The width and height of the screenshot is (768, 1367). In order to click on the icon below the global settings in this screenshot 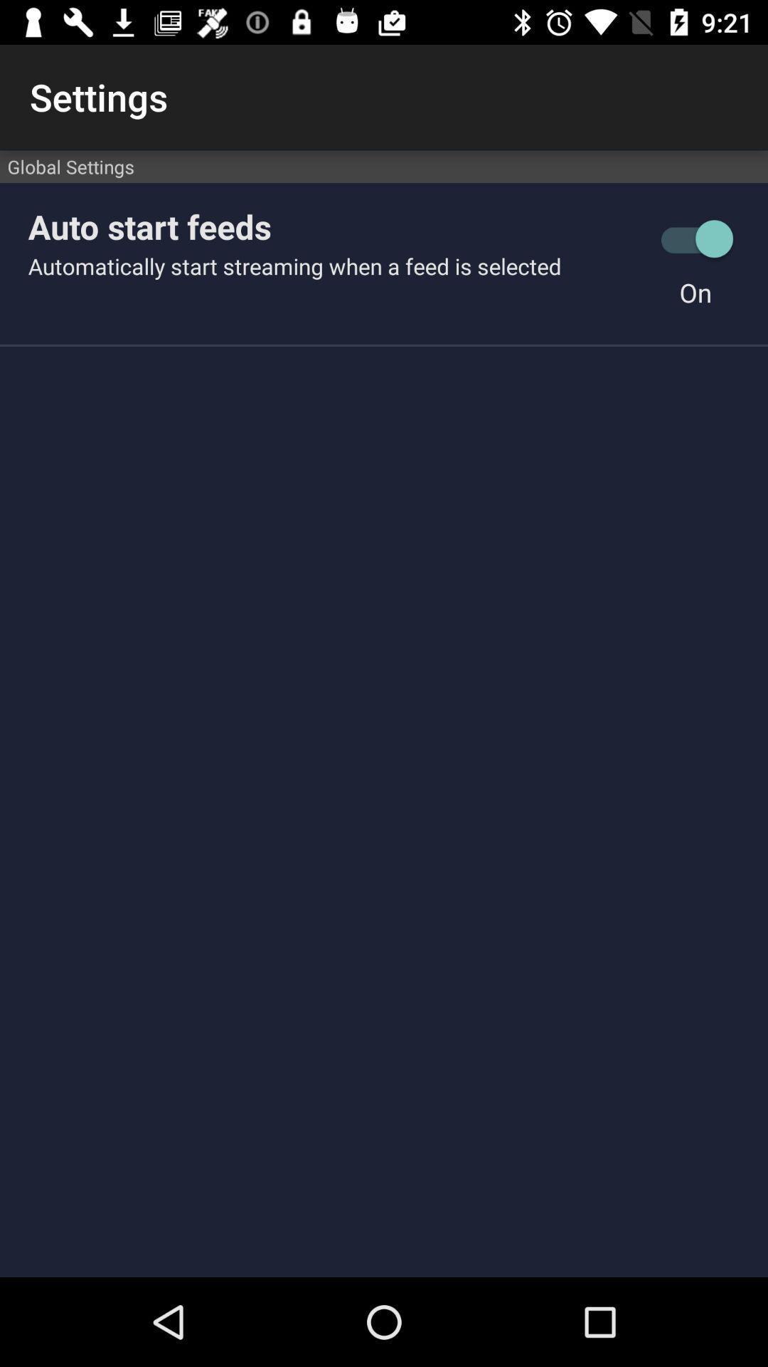, I will do `click(335, 226)`.